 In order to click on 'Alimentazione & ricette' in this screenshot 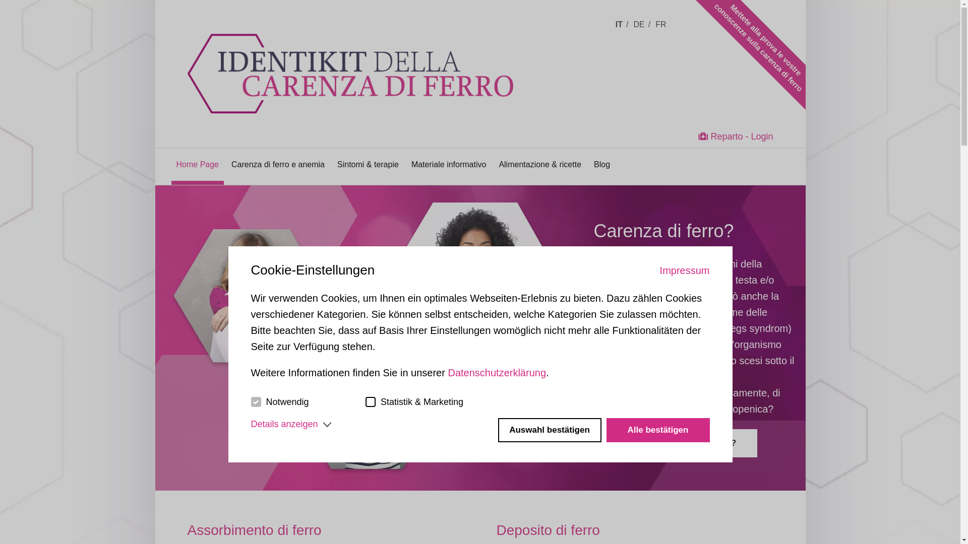, I will do `click(539, 164)`.